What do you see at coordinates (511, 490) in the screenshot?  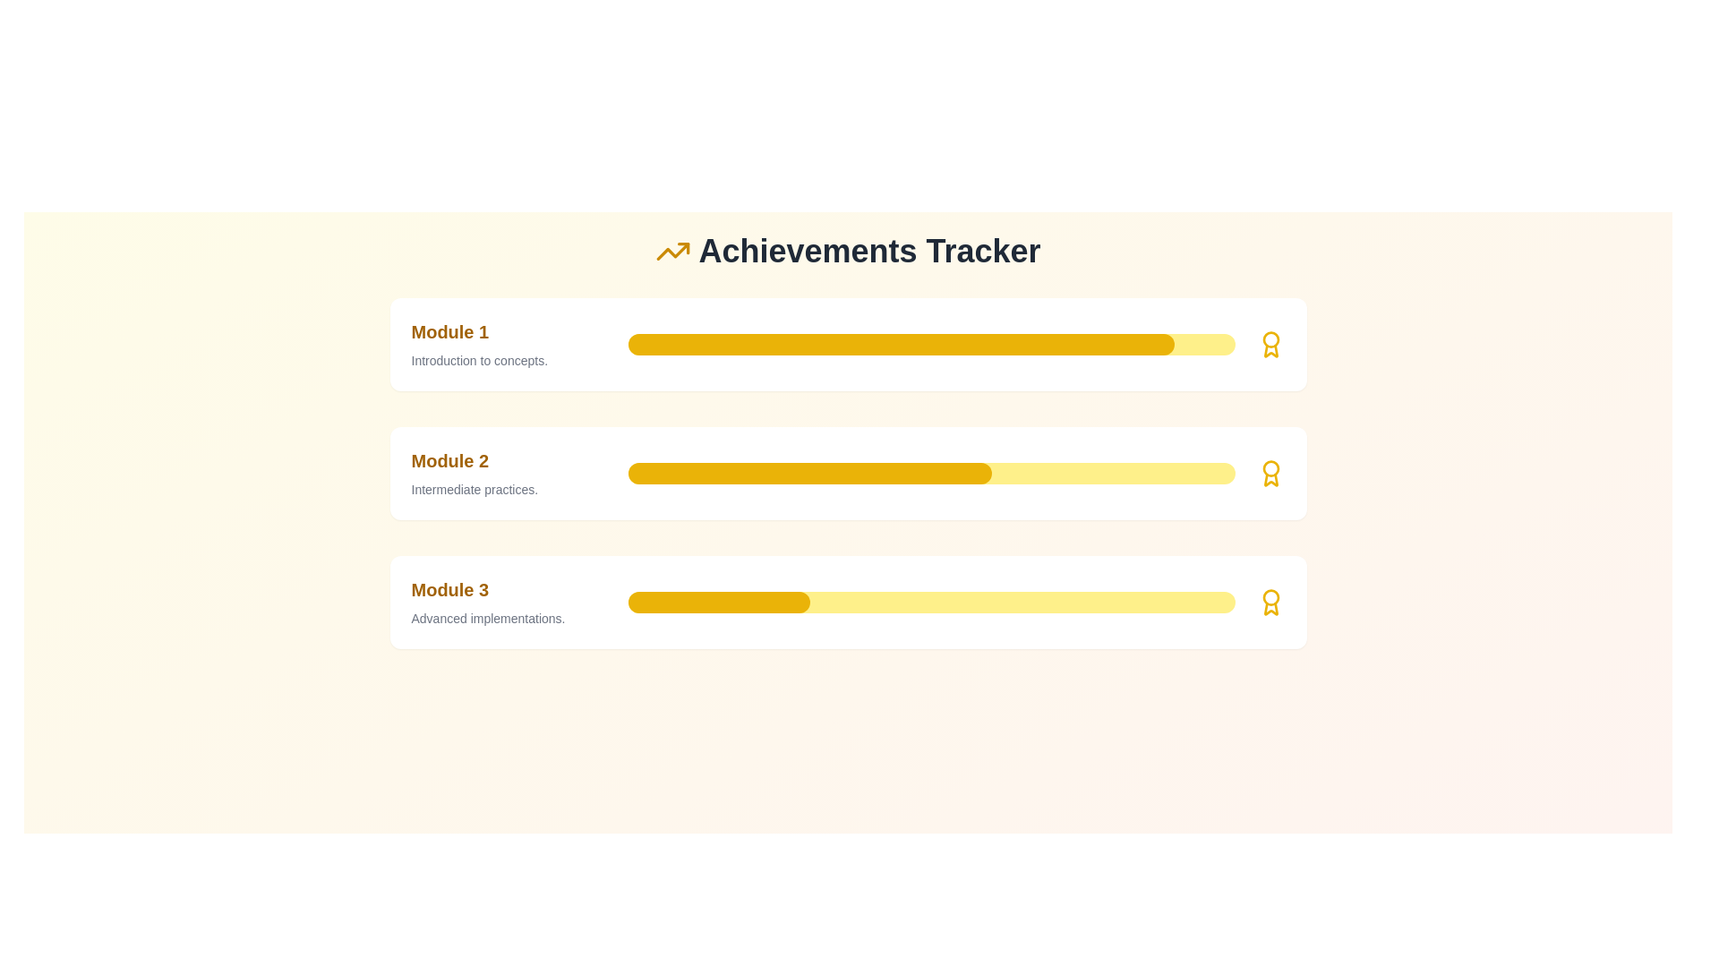 I see `the static text label that describes the 'Module 2' section, which is located below the 'Module 2' header and above the yellow progress bar` at bounding box center [511, 490].